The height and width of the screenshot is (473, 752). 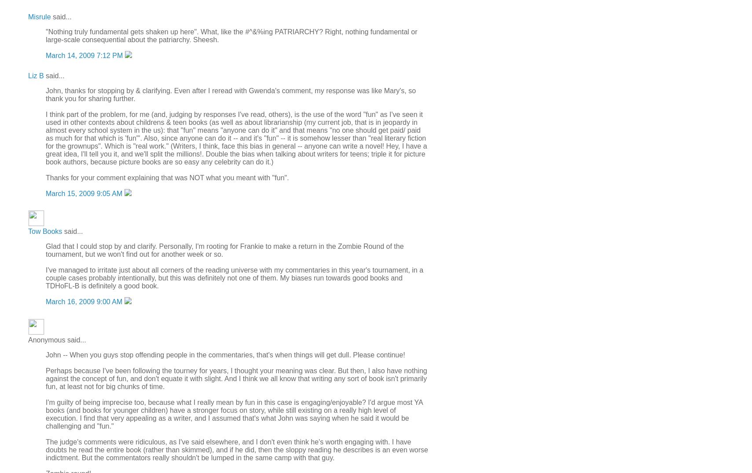 What do you see at coordinates (56, 339) in the screenshot?
I see `'Anonymous
said...'` at bounding box center [56, 339].